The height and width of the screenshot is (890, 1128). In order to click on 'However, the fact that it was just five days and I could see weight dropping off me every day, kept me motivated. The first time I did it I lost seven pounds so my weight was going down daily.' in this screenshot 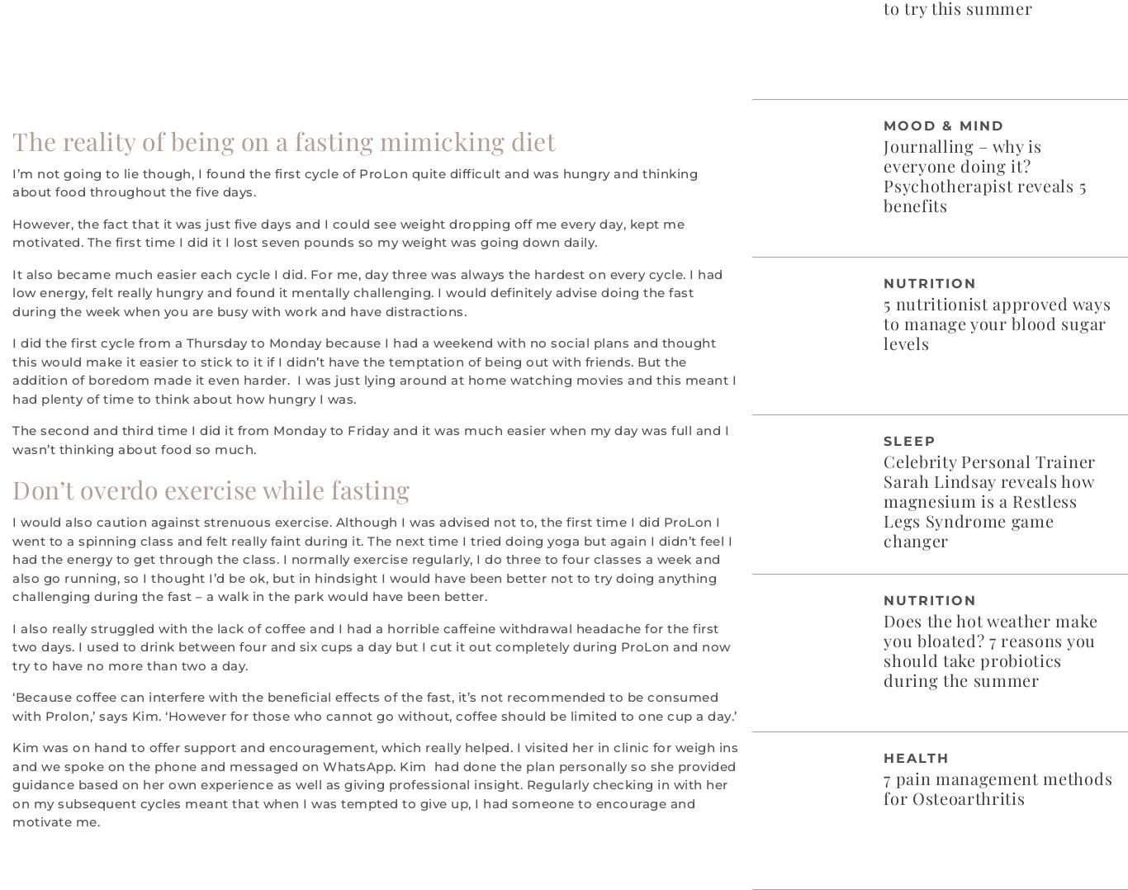, I will do `click(347, 233)`.